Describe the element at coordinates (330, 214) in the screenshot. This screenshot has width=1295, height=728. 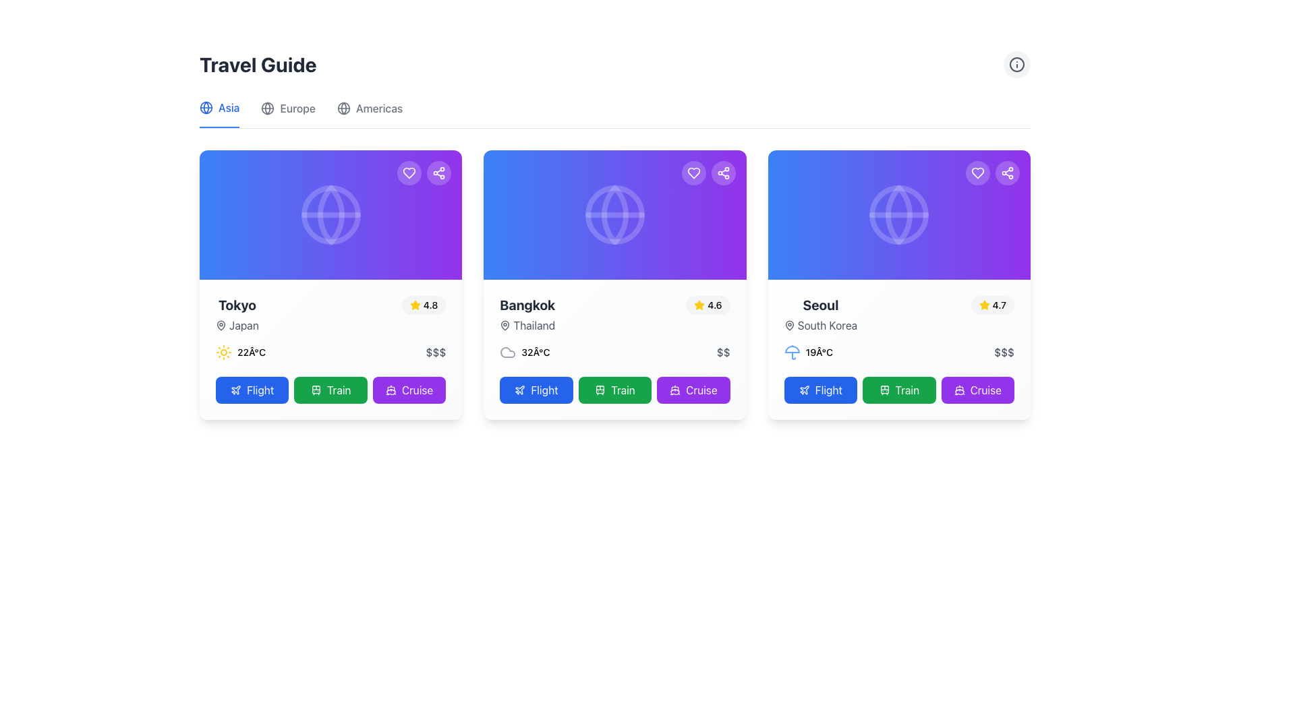
I see `the globe icon located at the center-top area of the 'Tokyo' card, which is the leftmost card in a horizontally aligned set of cards` at that location.